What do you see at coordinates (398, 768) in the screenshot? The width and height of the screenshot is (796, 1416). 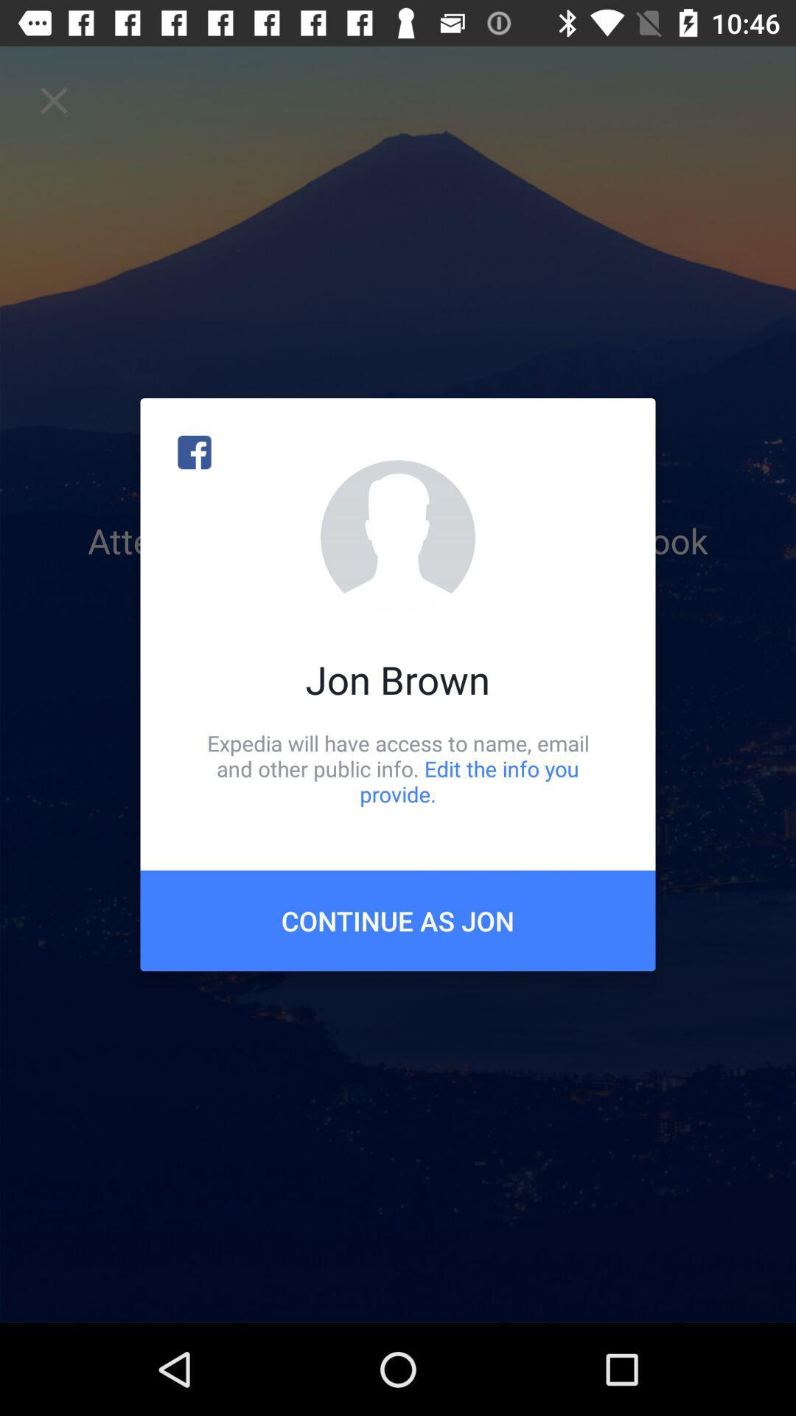 I see `icon below the jon brown icon` at bounding box center [398, 768].